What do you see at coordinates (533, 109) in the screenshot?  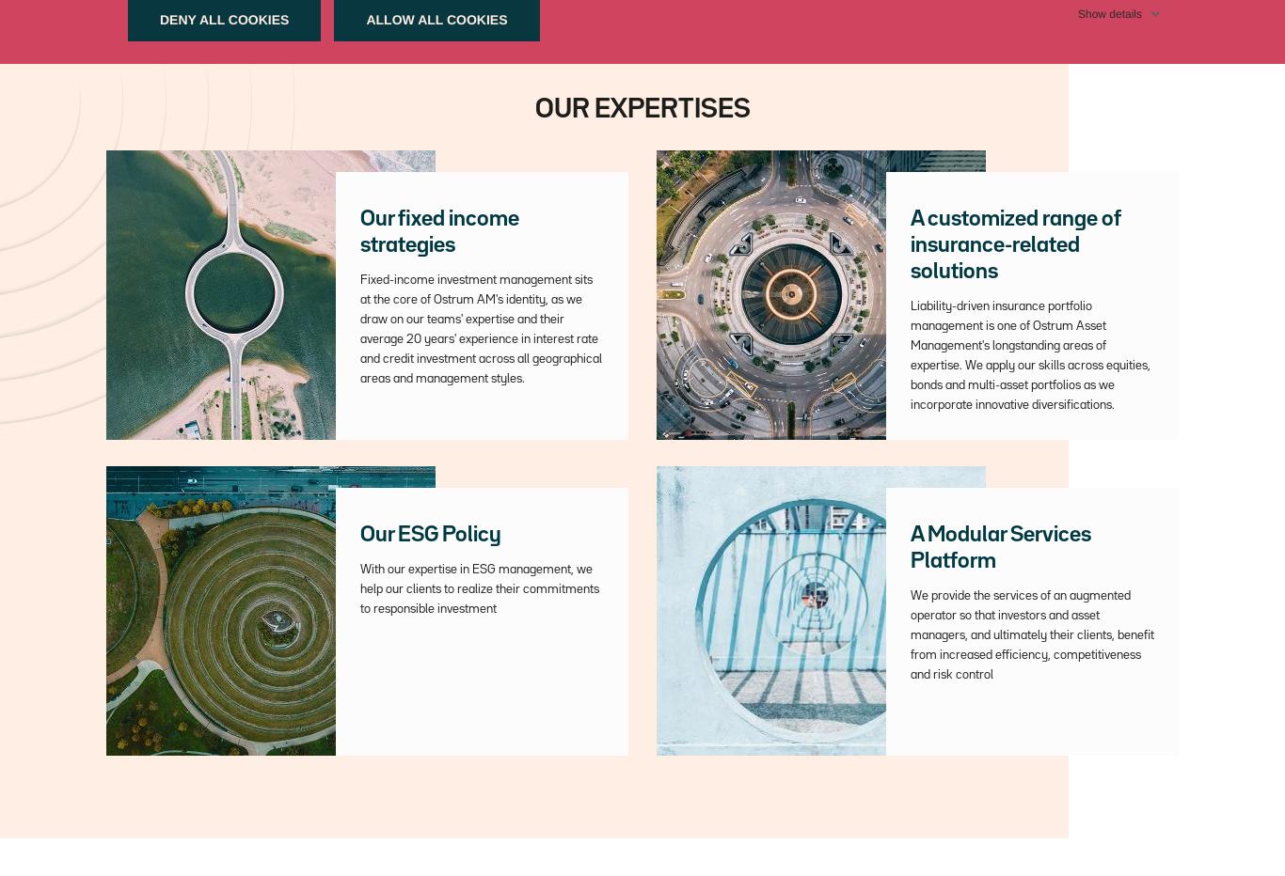 I see `'Our expertises'` at bounding box center [533, 109].